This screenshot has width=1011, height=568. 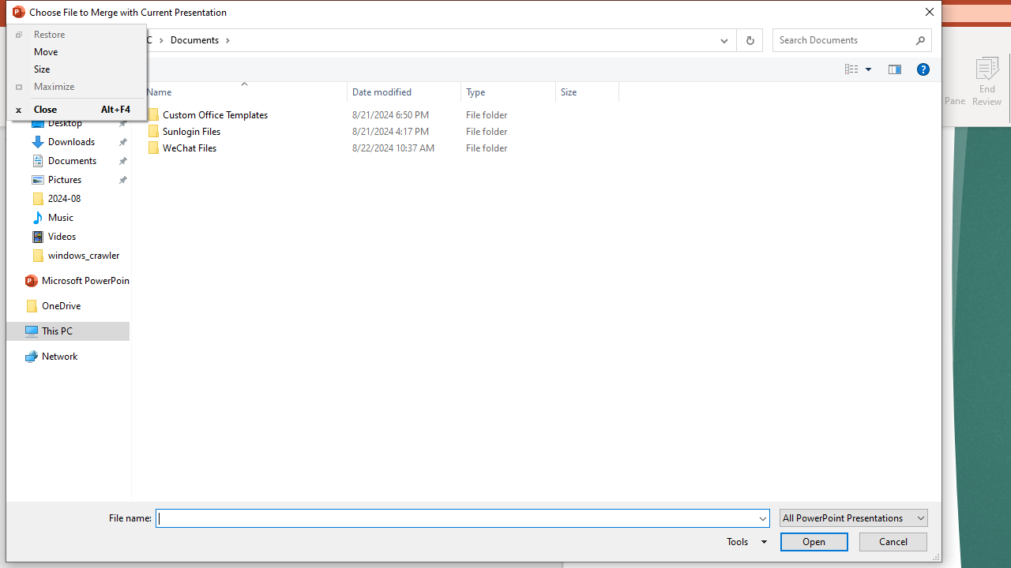 What do you see at coordinates (76, 34) in the screenshot?
I see `'Restore'` at bounding box center [76, 34].